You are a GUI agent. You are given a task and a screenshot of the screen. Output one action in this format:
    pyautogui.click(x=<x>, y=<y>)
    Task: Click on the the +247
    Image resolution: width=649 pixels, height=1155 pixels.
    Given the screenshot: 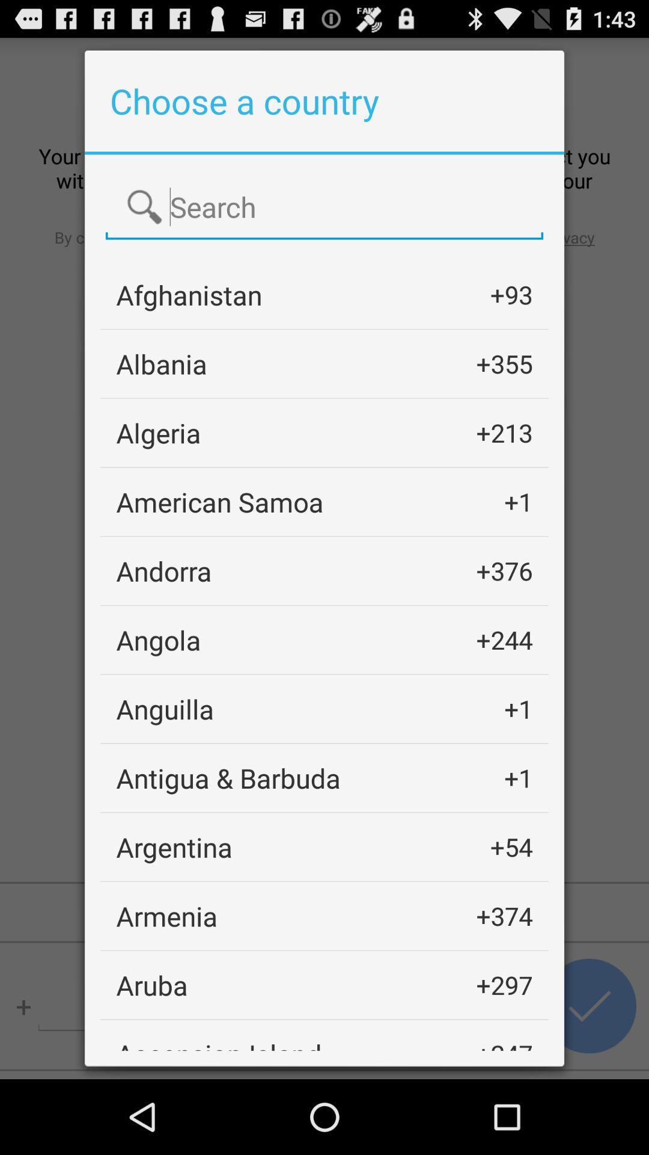 What is the action you would take?
    pyautogui.click(x=504, y=1043)
    